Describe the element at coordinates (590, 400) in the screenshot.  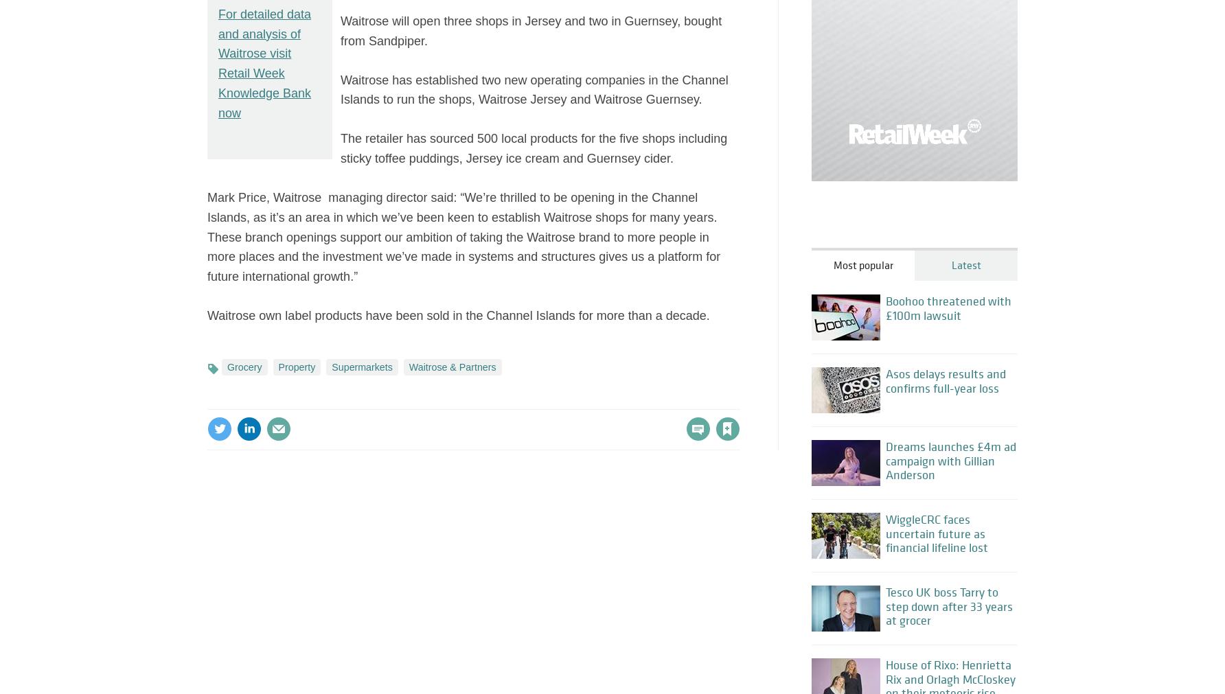
I see `'to your account to use this feature'` at that location.